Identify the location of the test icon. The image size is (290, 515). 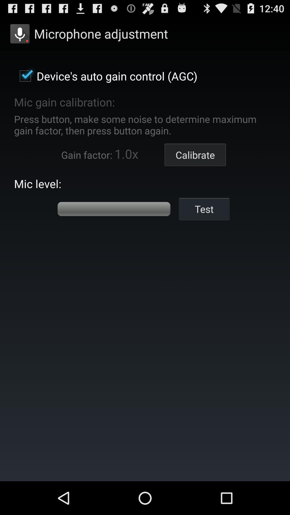
(204, 209).